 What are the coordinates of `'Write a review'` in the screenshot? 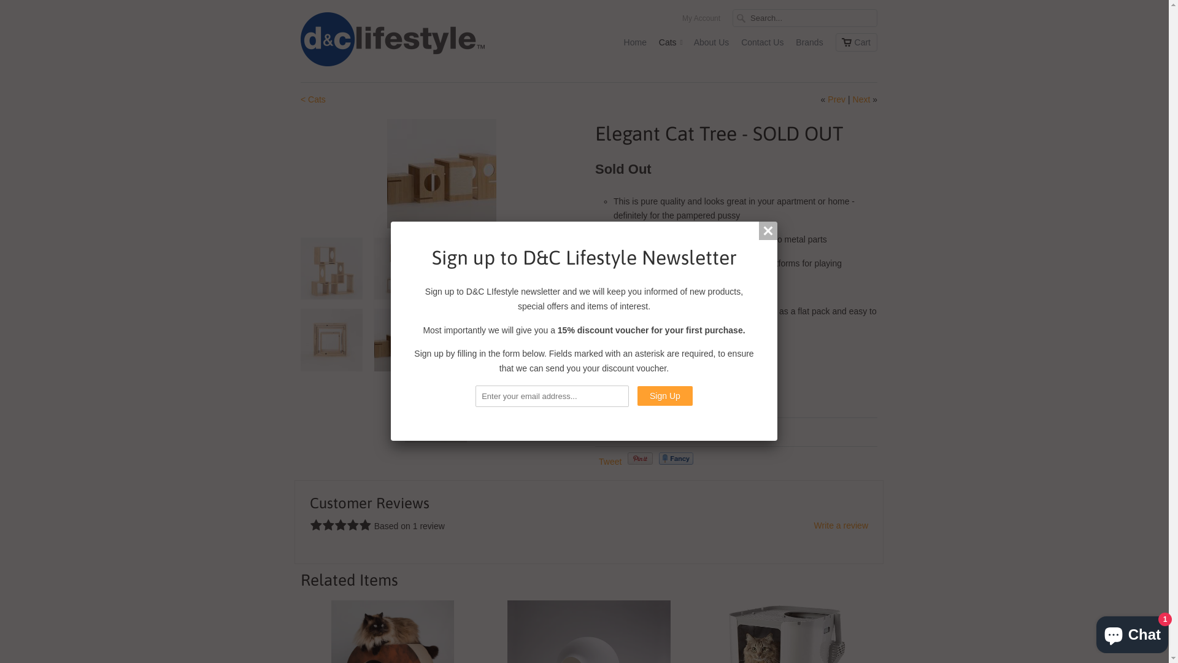 It's located at (841, 525).